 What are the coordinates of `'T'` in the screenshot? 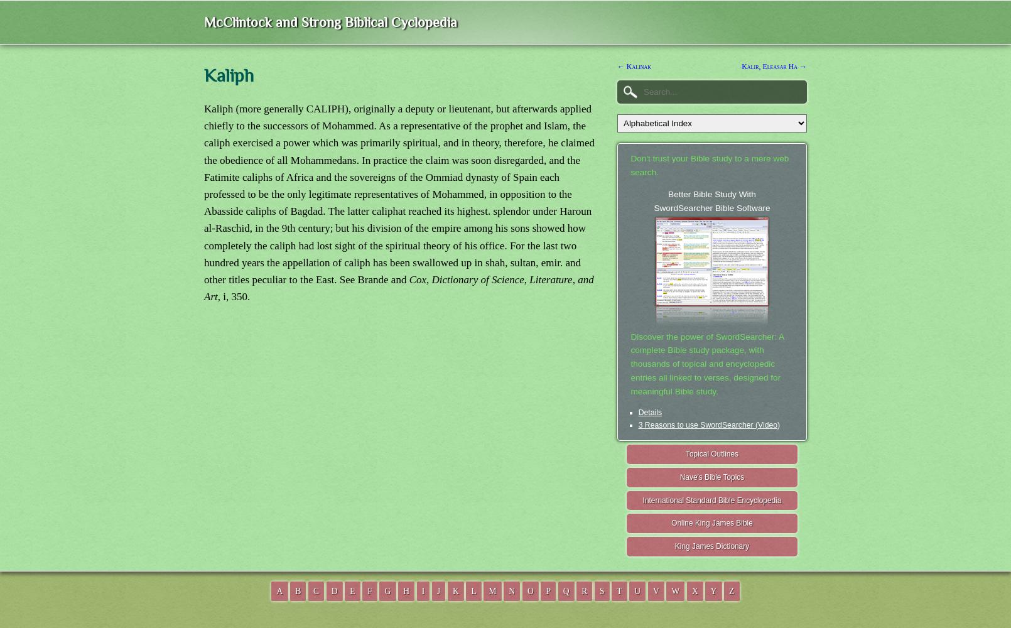 It's located at (618, 590).